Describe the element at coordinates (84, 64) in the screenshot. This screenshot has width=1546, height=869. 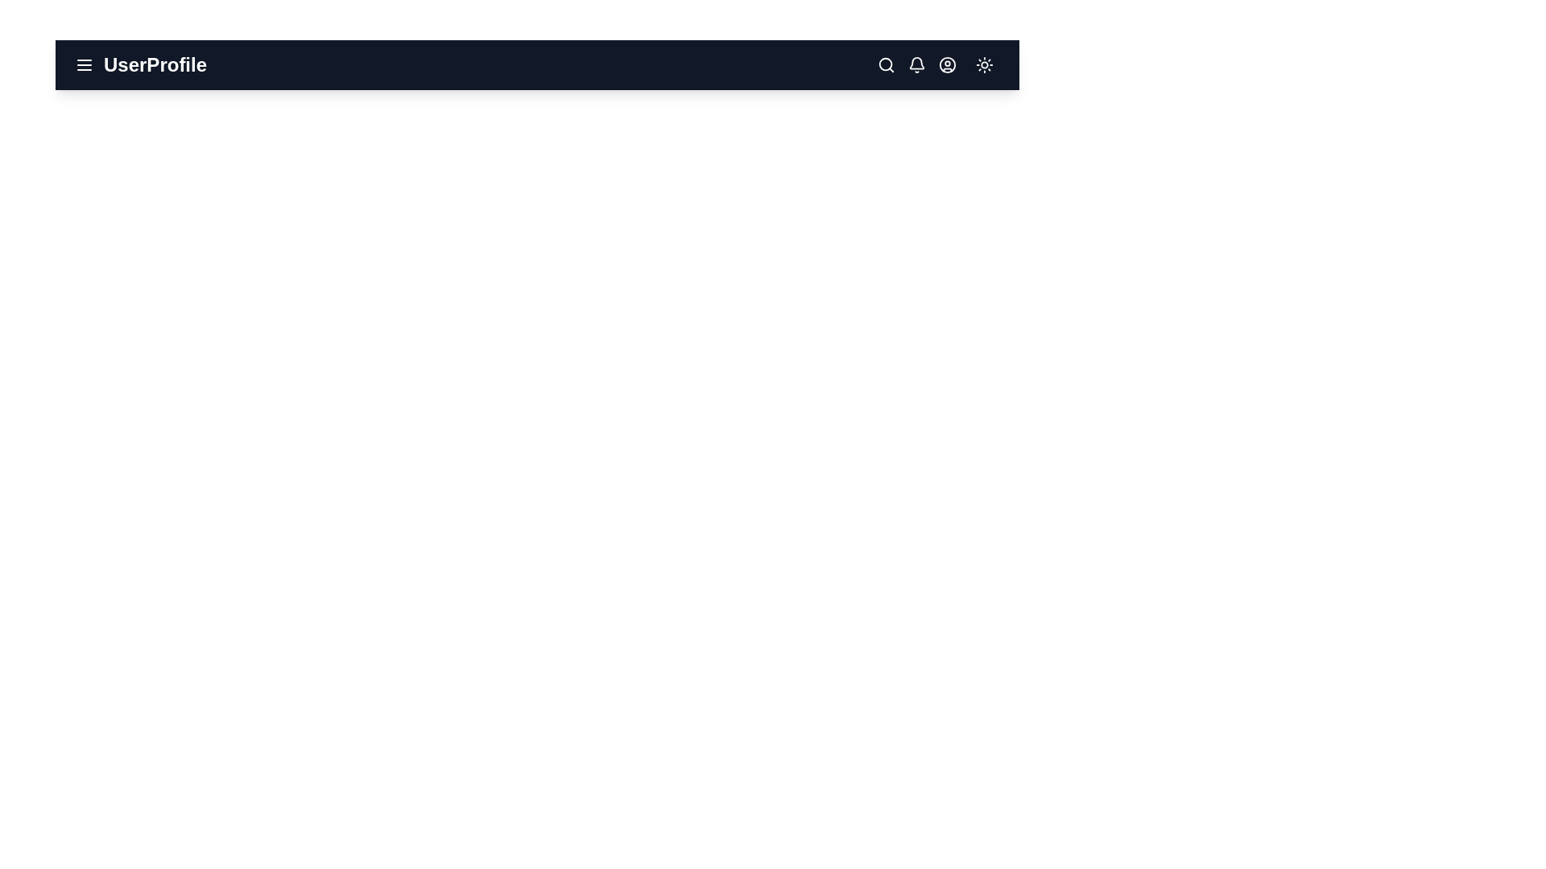
I see `the menu icon to access the application menu` at that location.